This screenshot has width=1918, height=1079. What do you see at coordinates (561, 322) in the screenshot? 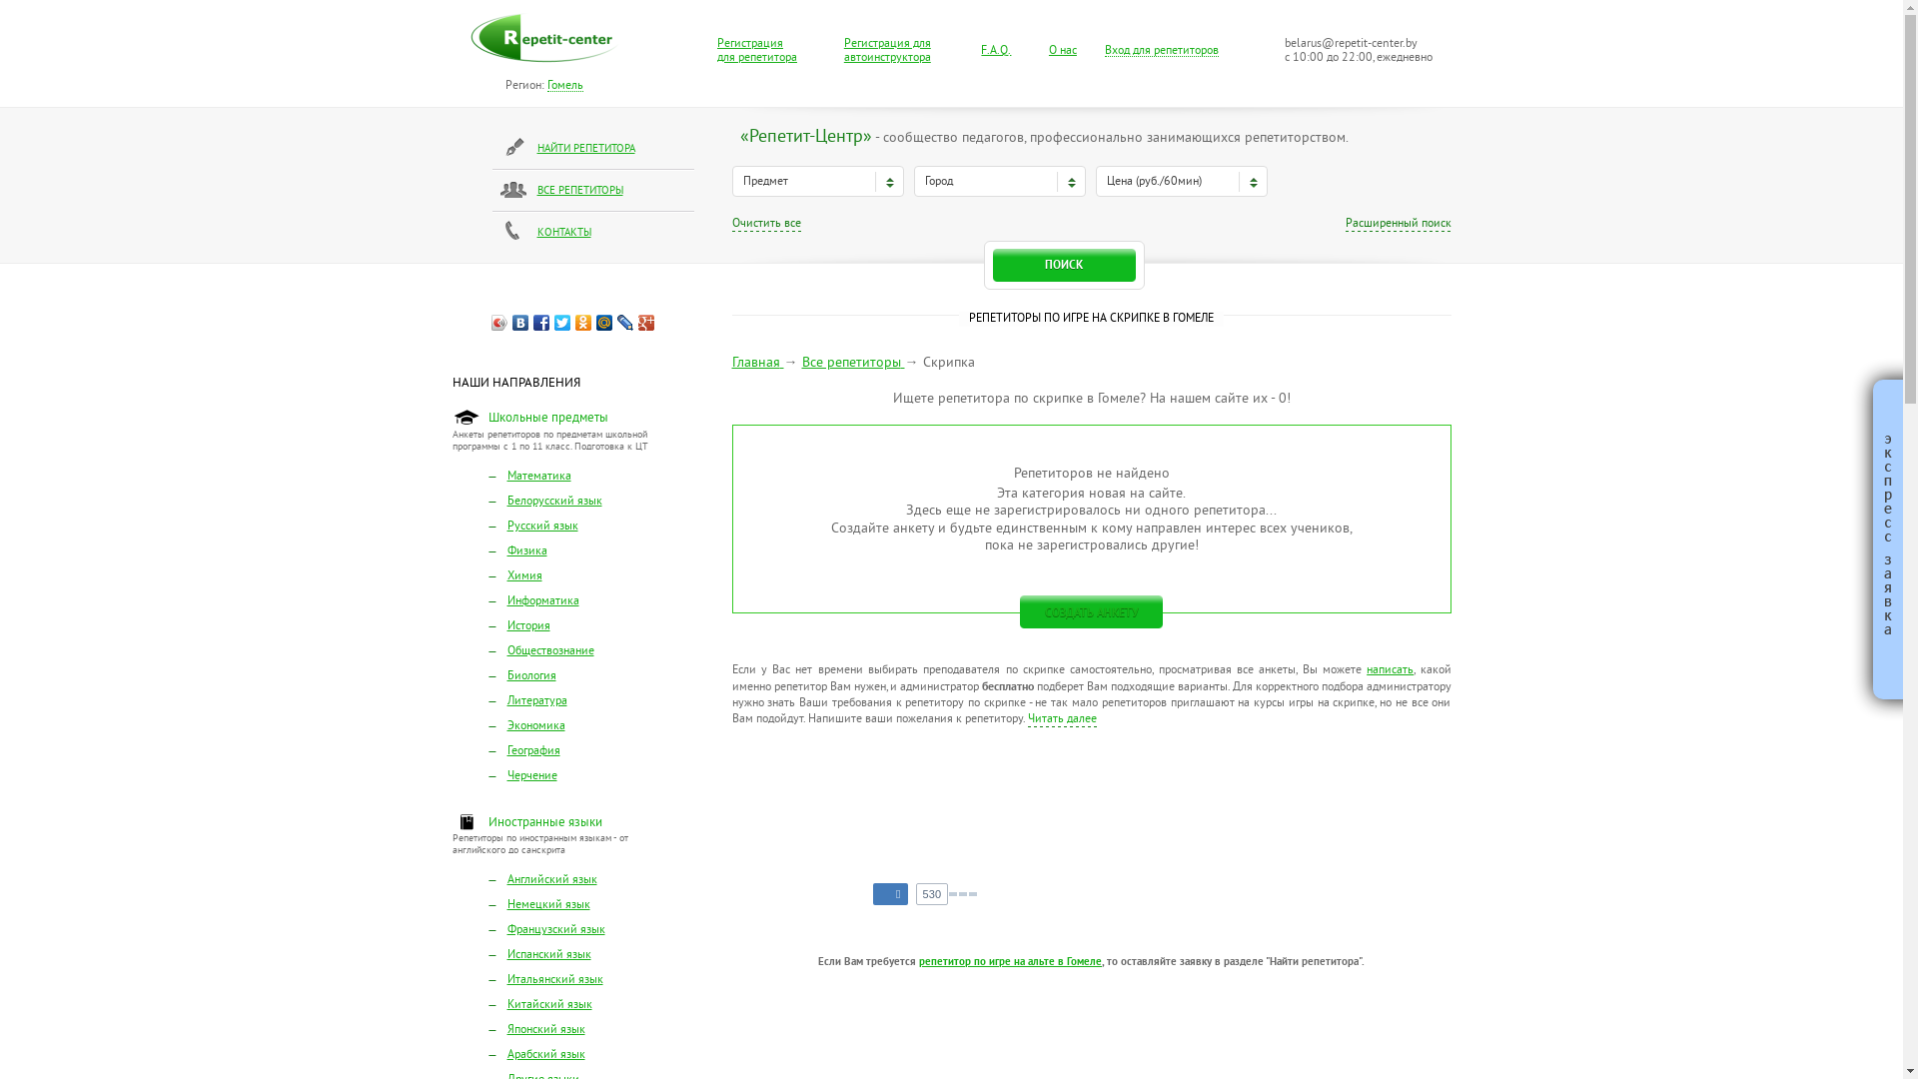
I see `'Twitter'` at bounding box center [561, 322].